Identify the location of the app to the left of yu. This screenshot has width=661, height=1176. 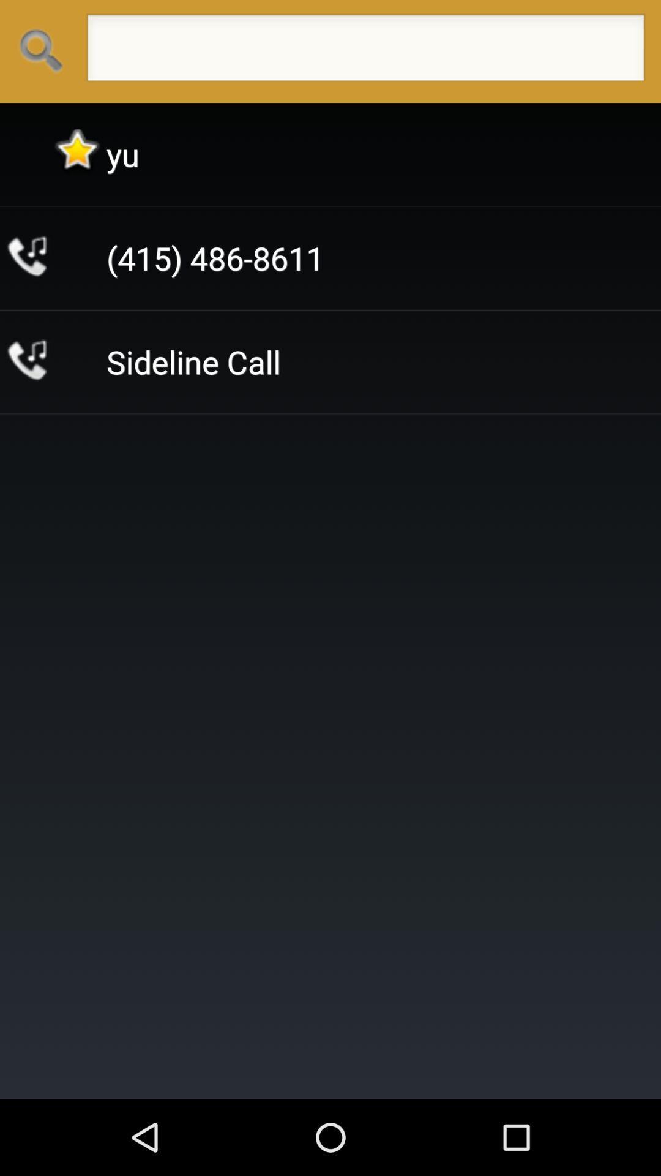
(77, 154).